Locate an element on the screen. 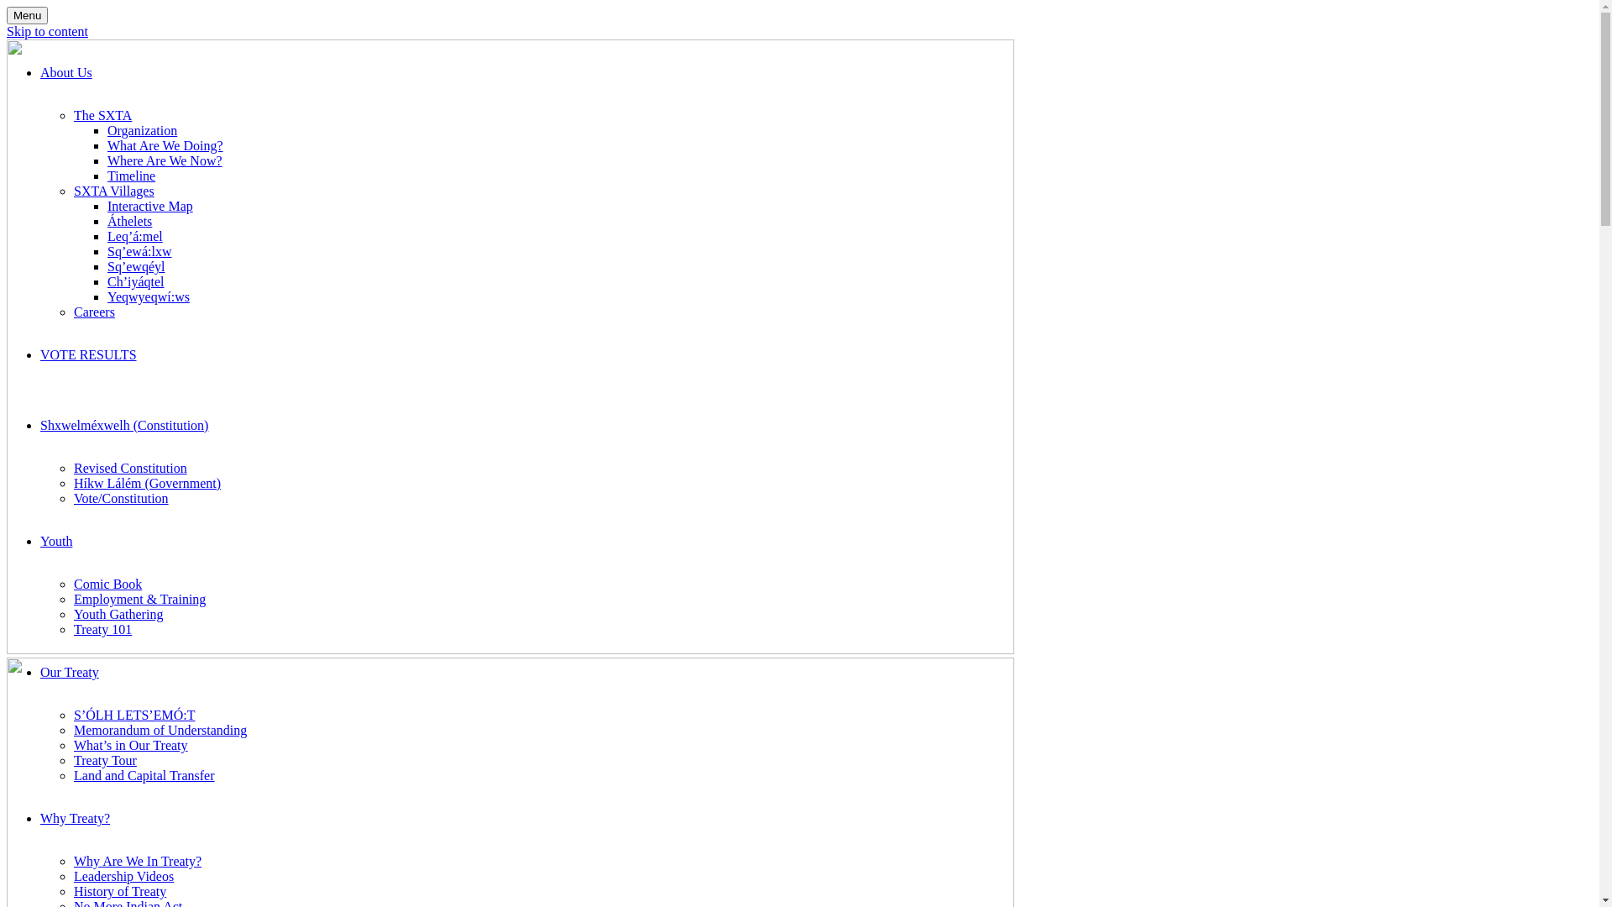 This screenshot has height=907, width=1612. 'Treaty 101' is located at coordinates (72, 629).